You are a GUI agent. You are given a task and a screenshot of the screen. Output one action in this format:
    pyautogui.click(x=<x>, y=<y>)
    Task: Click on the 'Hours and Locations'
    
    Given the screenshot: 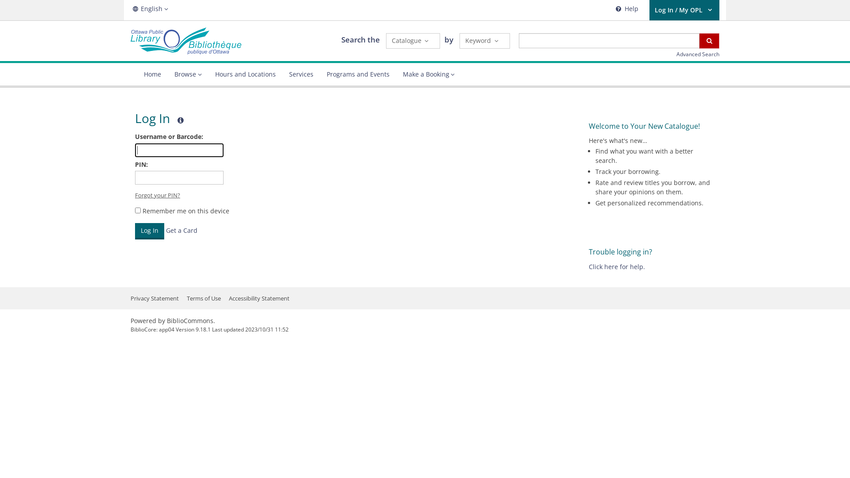 What is the action you would take?
    pyautogui.click(x=245, y=74)
    